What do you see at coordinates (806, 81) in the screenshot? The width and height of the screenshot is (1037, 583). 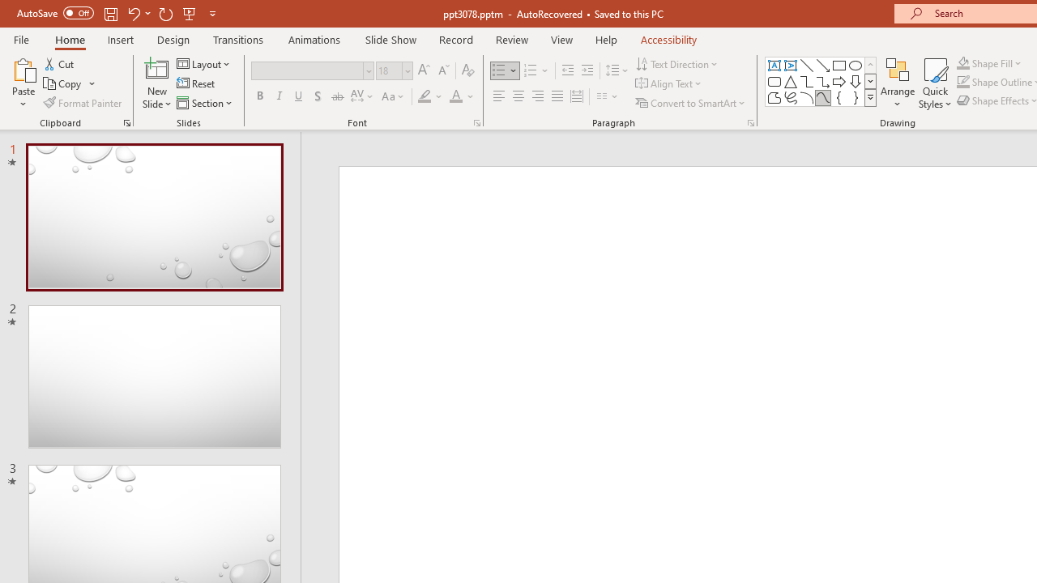 I see `'Connector: Elbow'` at bounding box center [806, 81].